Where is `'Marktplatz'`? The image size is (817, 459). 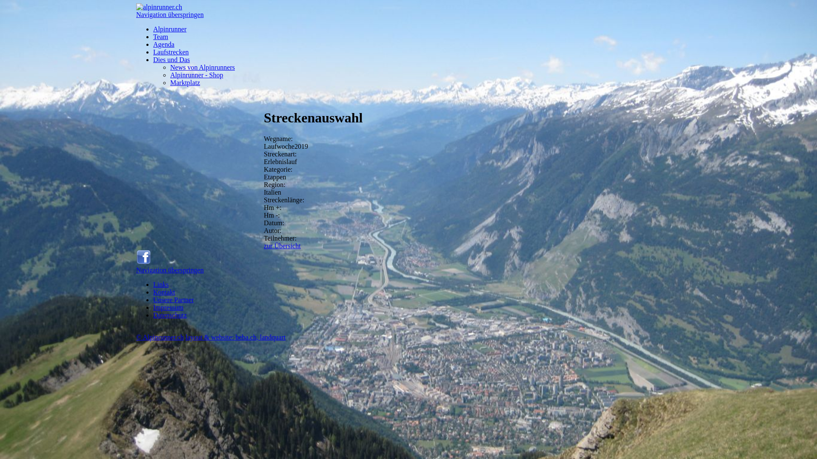
'Marktplatz' is located at coordinates (185, 82).